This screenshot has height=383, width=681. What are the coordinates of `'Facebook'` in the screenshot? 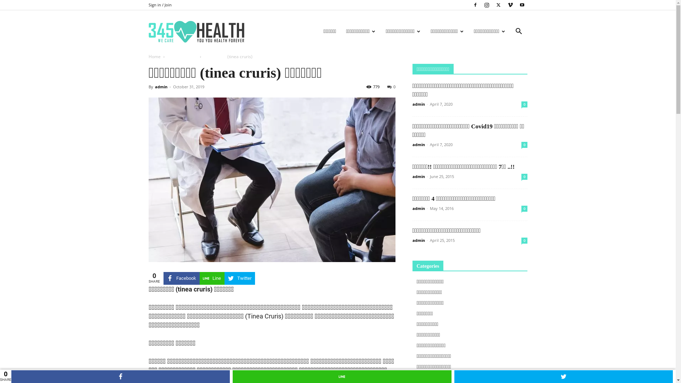 It's located at (181, 278).